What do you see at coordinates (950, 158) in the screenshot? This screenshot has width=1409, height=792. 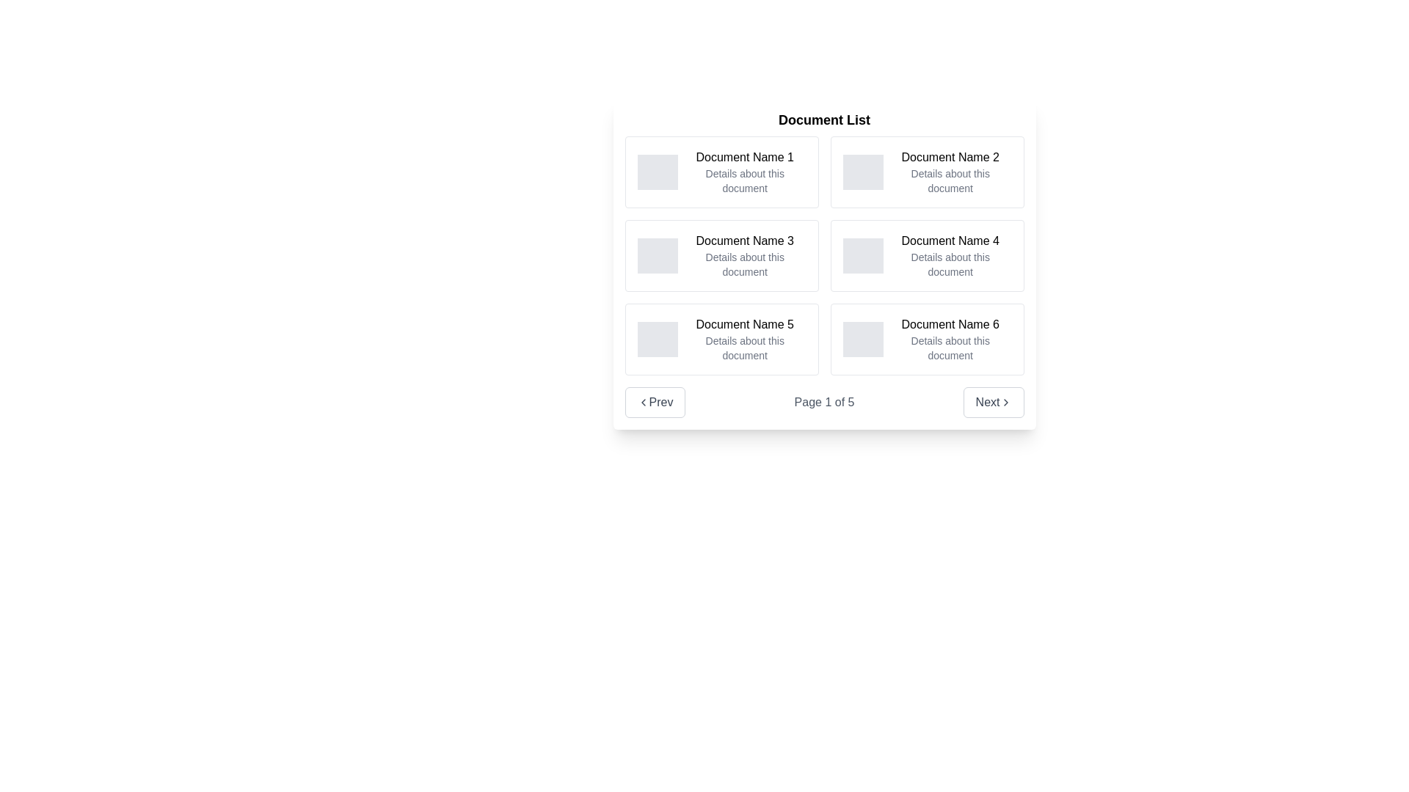 I see `the title text label located at the top of the second document card in the first row, second column of the grid layout` at bounding box center [950, 158].